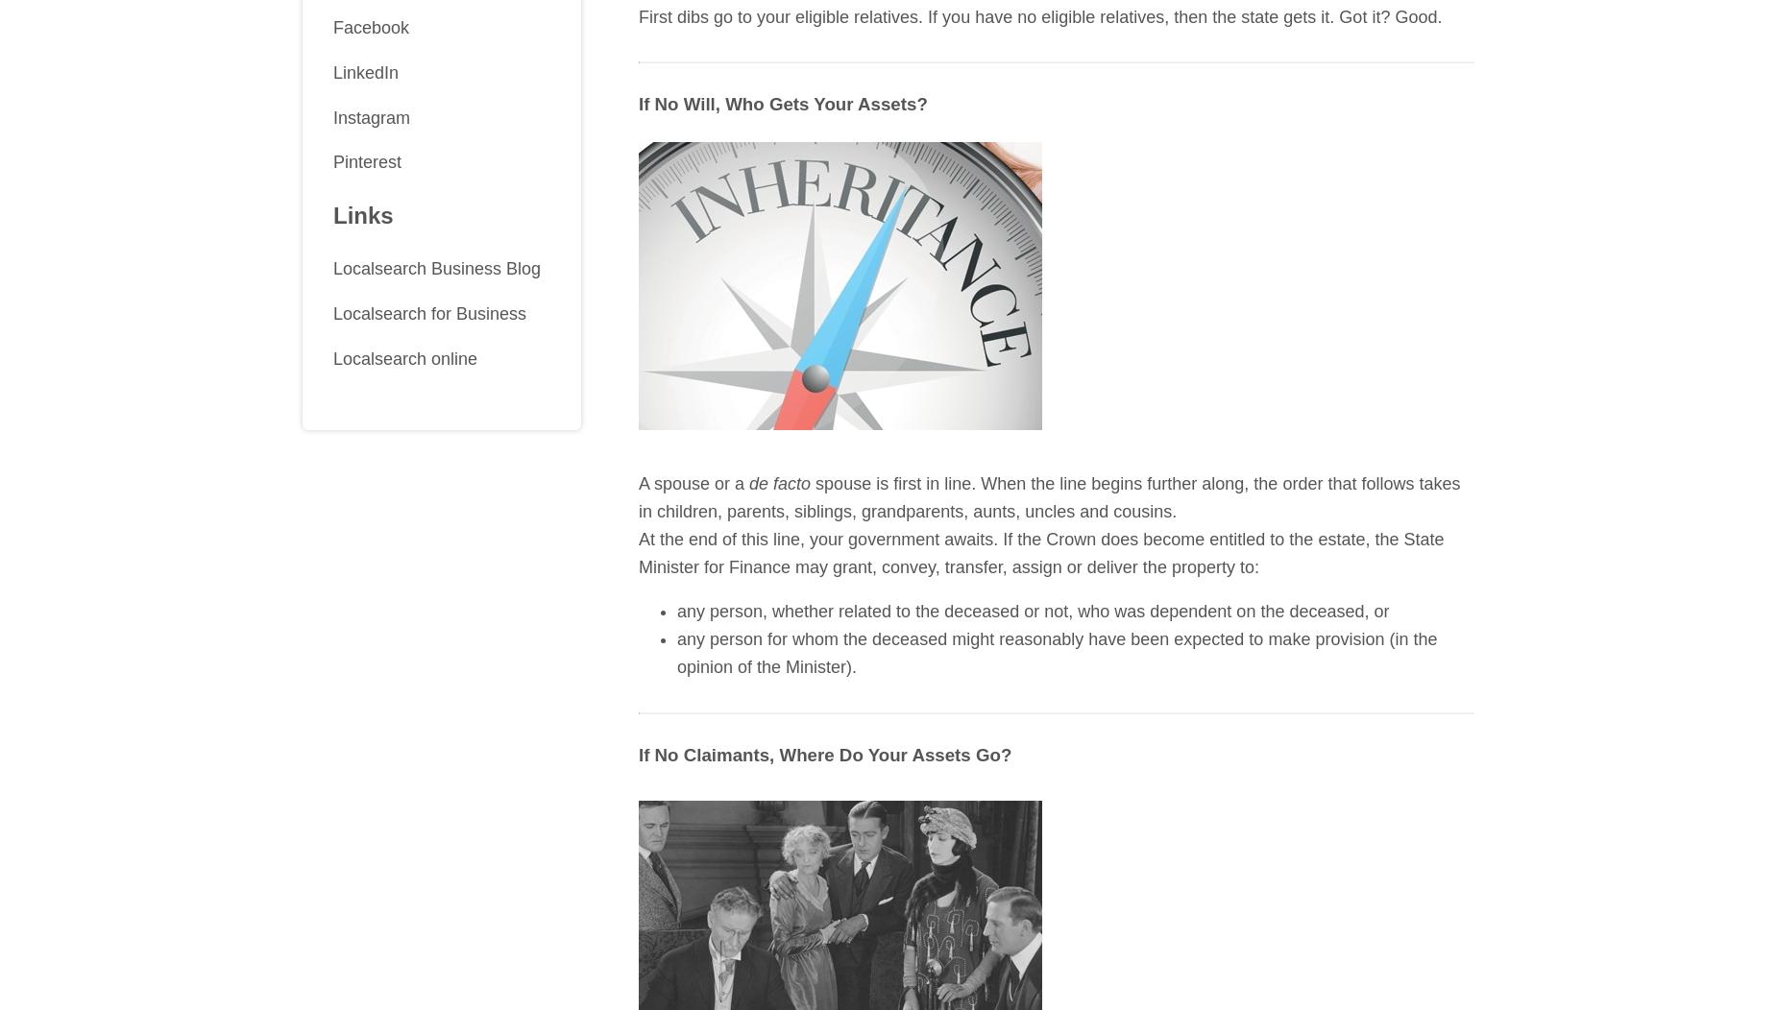 The height and width of the screenshot is (1010, 1777). Describe the element at coordinates (371, 117) in the screenshot. I see `'Instagram'` at that location.